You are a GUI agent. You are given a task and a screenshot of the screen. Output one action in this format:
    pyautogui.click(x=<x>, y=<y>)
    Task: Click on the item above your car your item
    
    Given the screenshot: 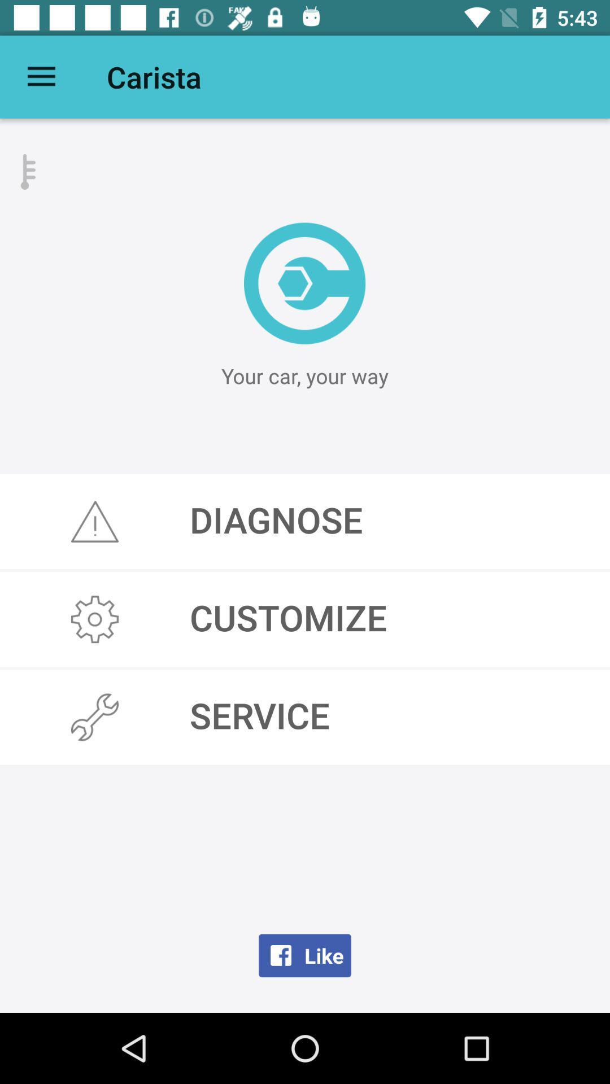 What is the action you would take?
    pyautogui.click(x=304, y=283)
    